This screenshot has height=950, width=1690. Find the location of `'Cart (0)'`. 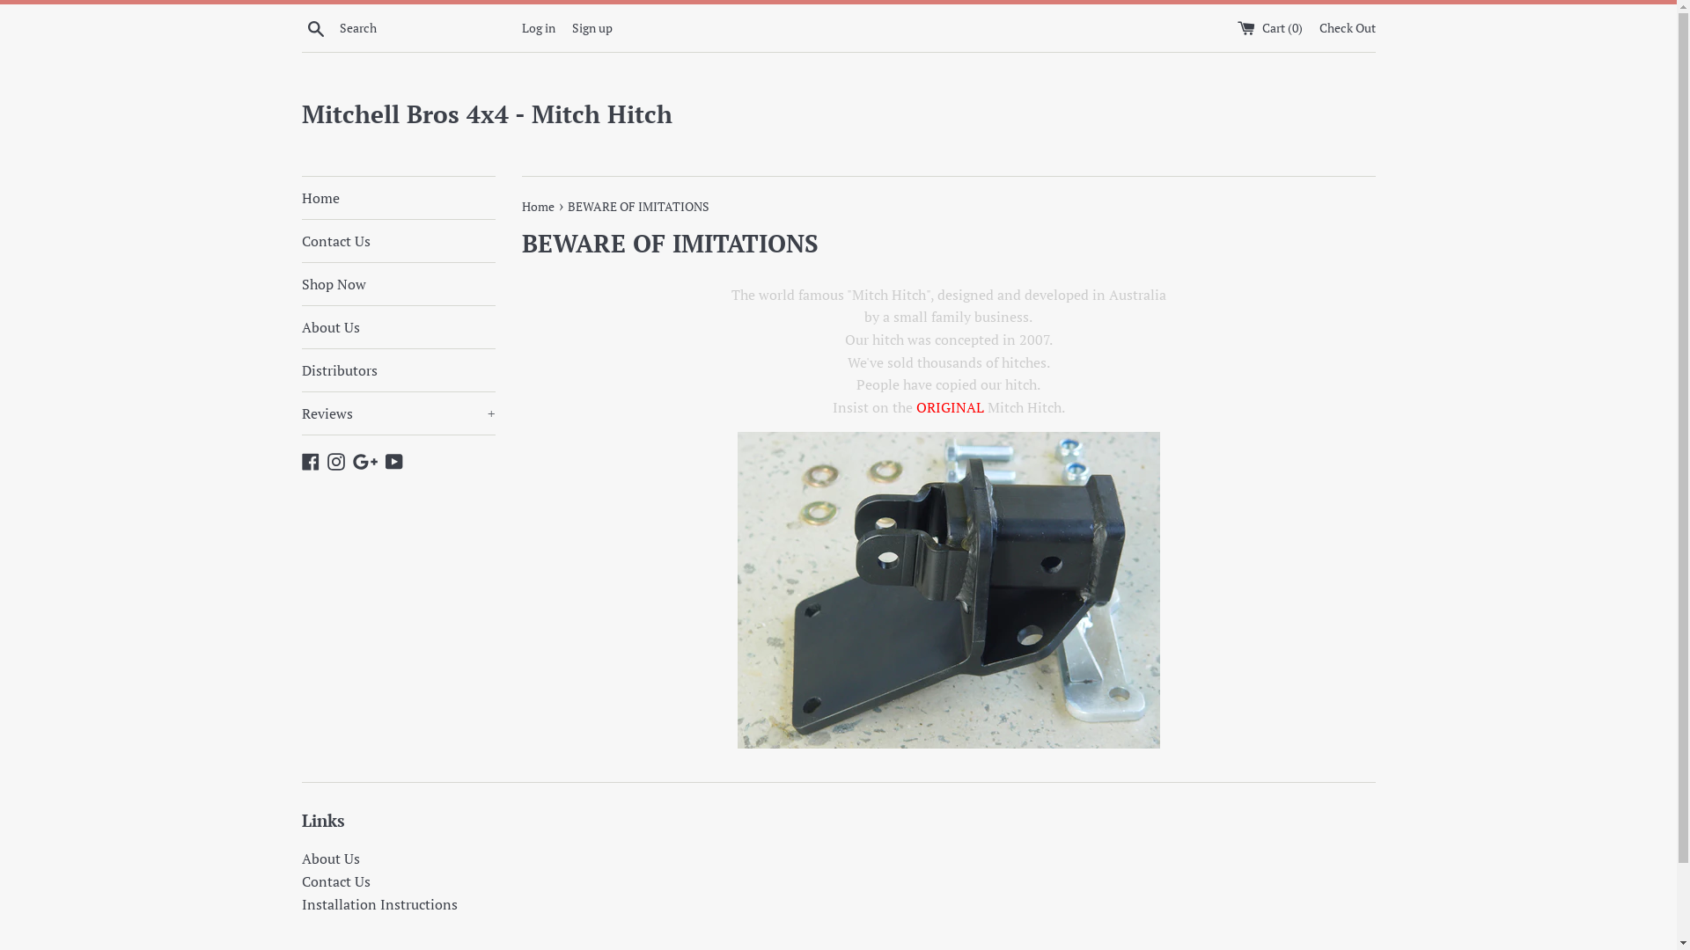

'Cart (0)' is located at coordinates (1271, 27).